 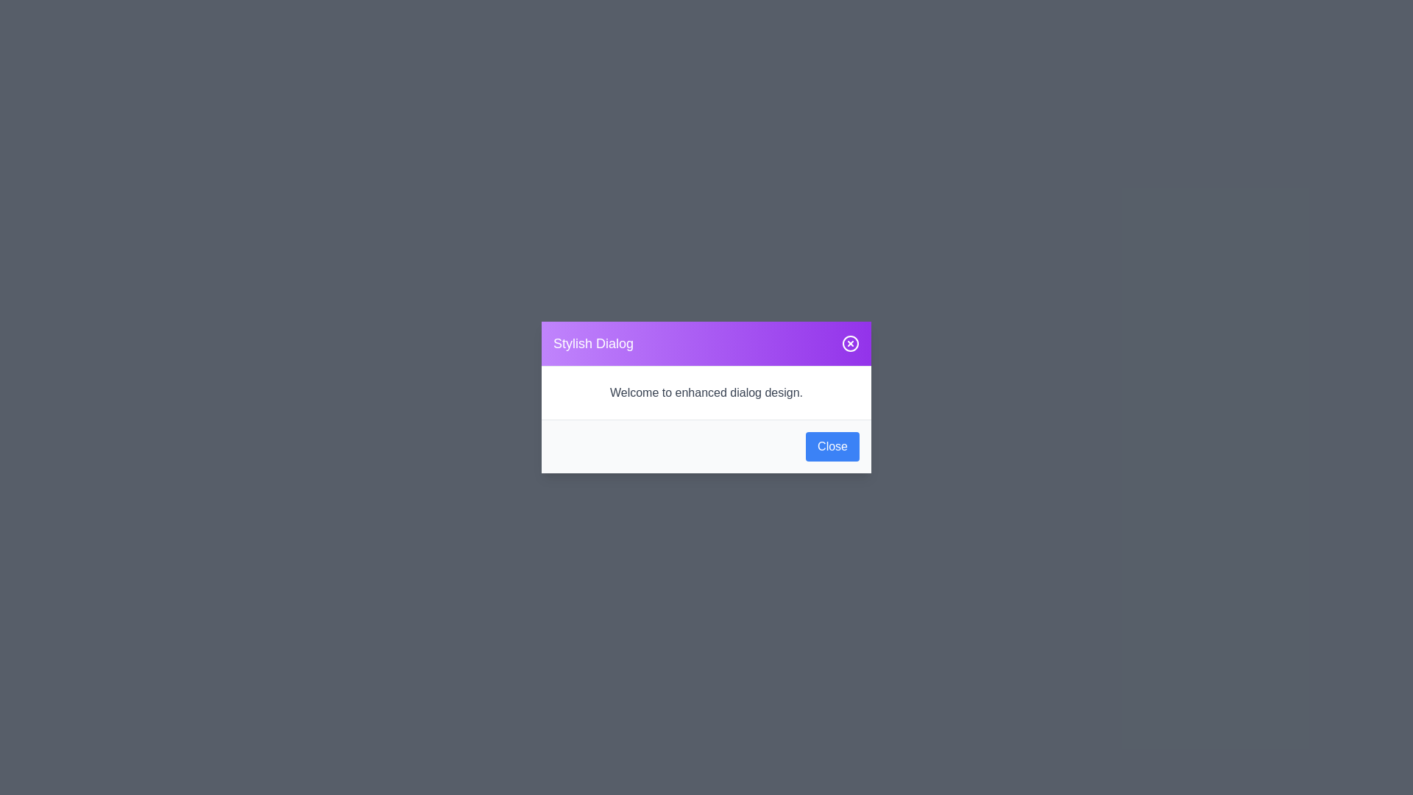 I want to click on the prominent blue 'Close' button located at the bottom-right corner of the dialog, so click(x=832, y=445).